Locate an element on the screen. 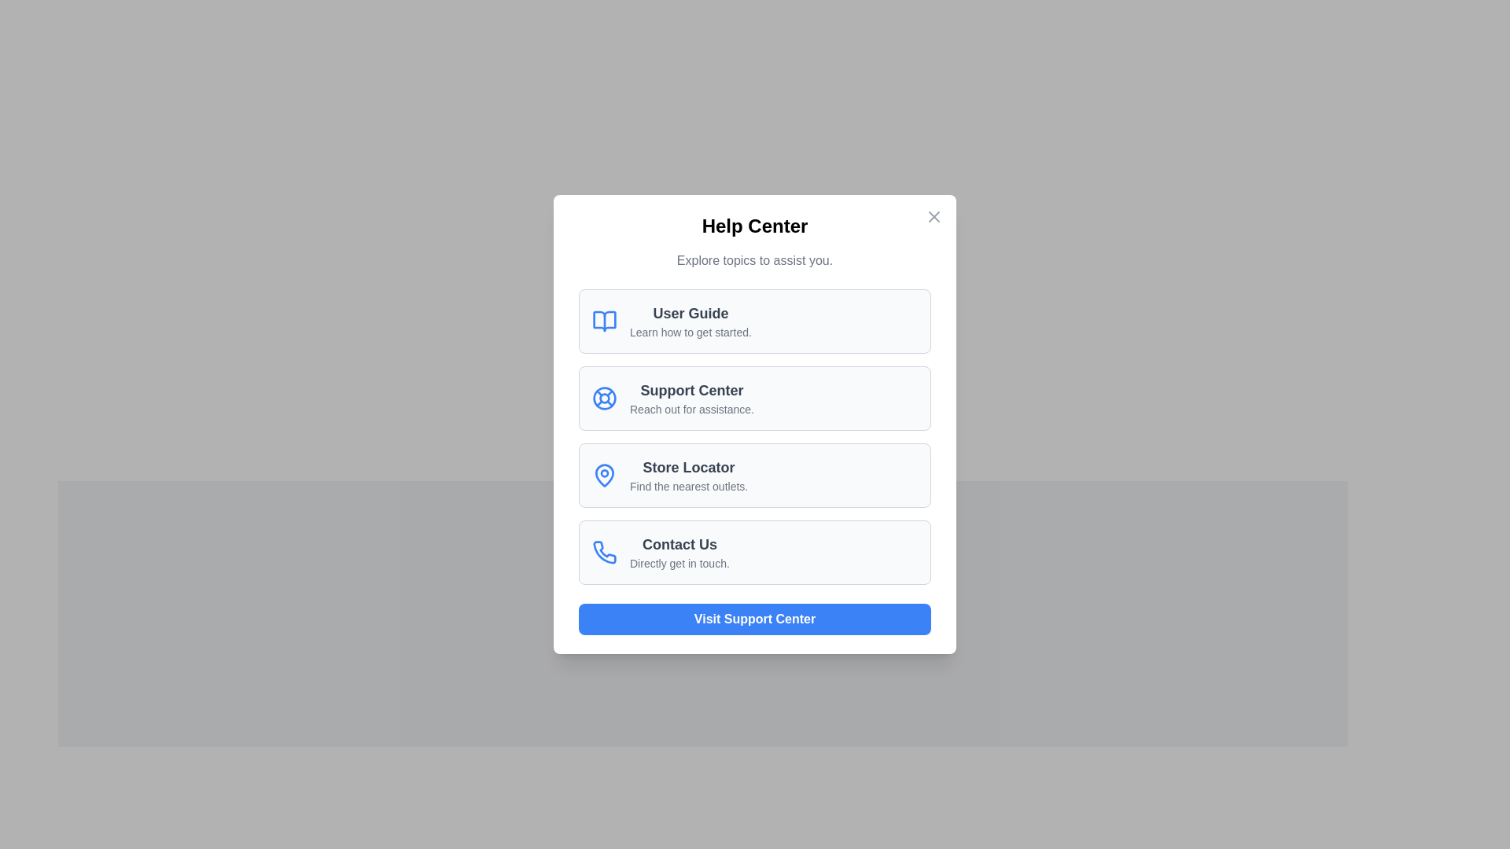 The height and width of the screenshot is (849, 1510). the static text displaying 'Directly get in touch.' located under the 'Contact Us' header in the lower-right quadrant of the modal interface is located at coordinates (679, 563).